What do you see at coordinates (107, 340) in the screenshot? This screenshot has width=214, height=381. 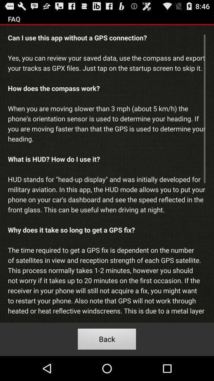 I see `the app below the can i use` at bounding box center [107, 340].